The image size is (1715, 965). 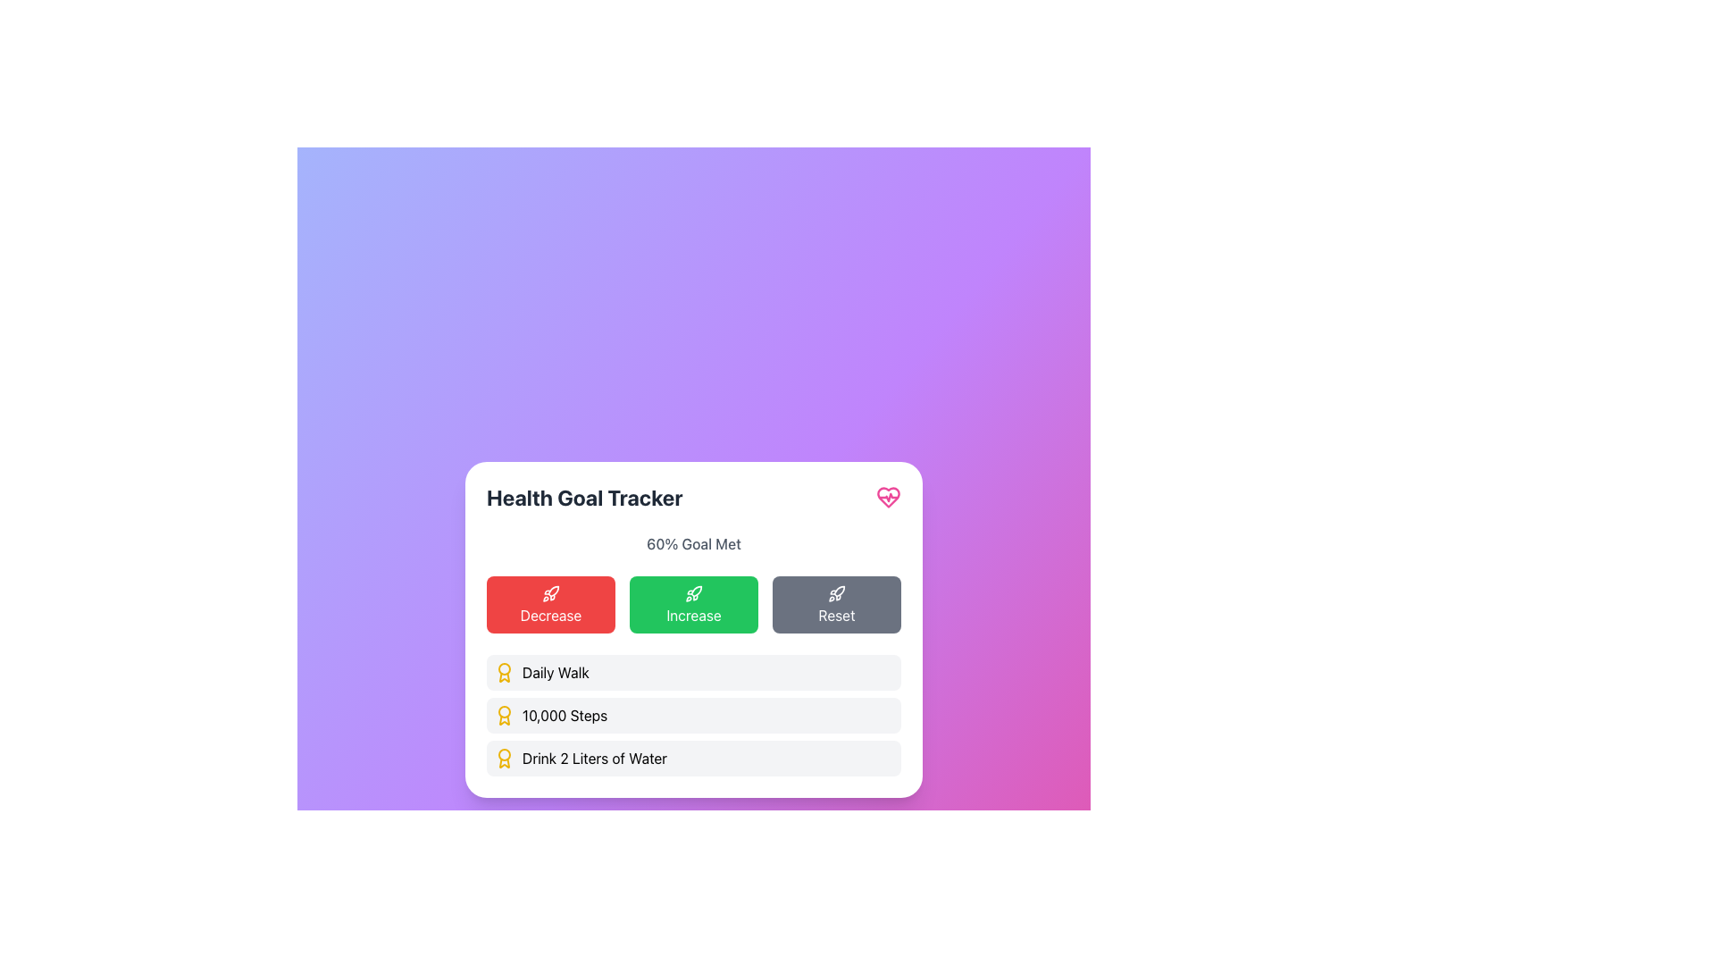 I want to click on the text label that displays '60% Goal Met', which is centered in the 'Health Goal Tracker' section above the buttons 'Decrease', 'Increase', and 'Reset', so click(x=693, y=543).